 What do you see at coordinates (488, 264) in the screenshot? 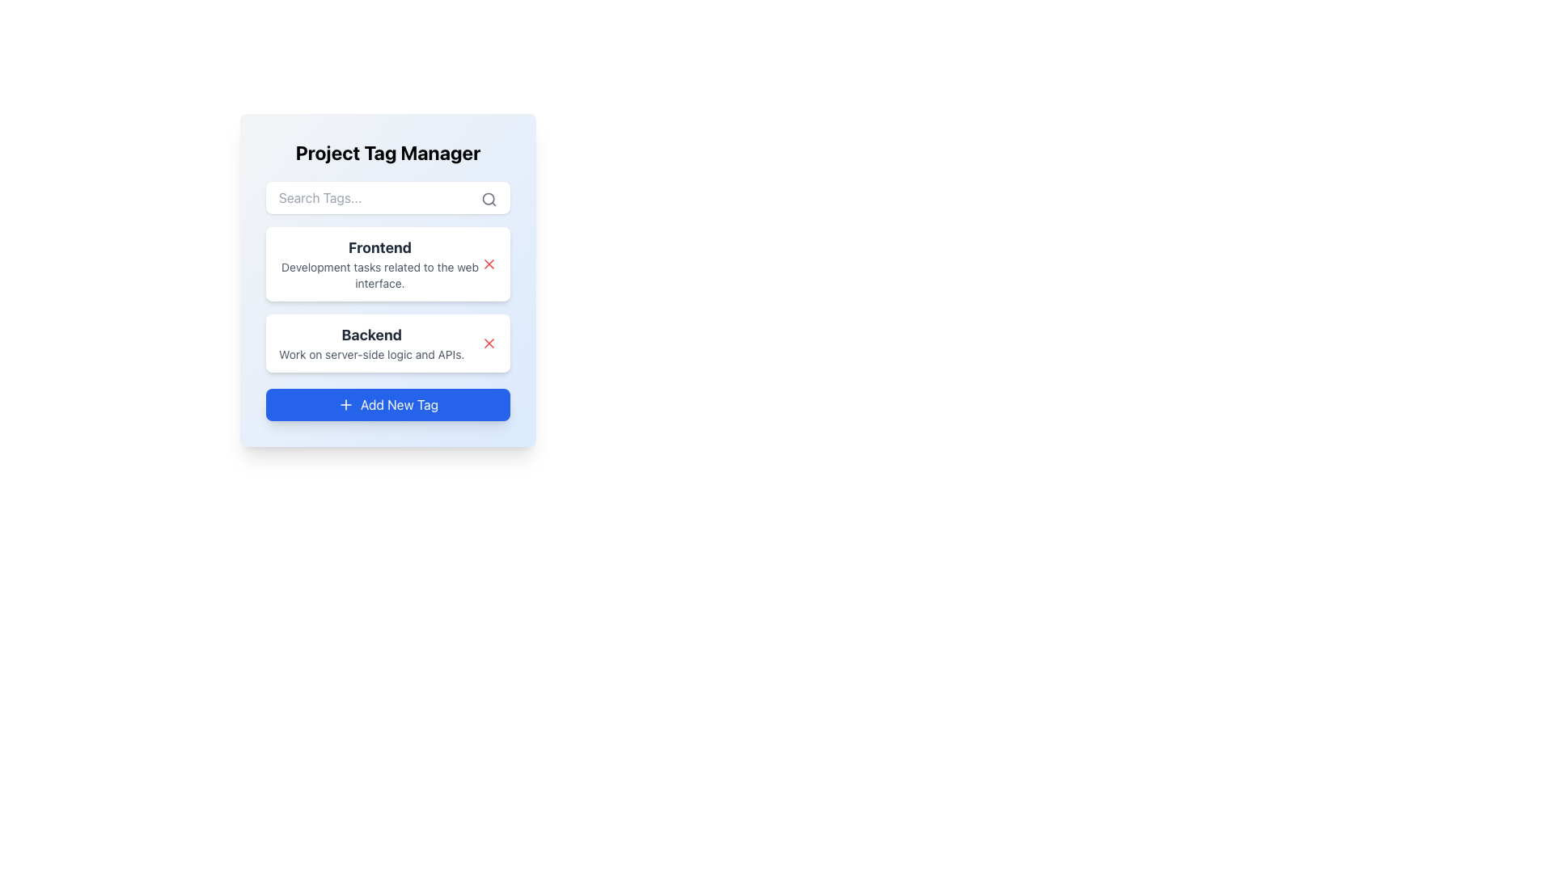
I see `attributes of the 'X' graphical representation vector line element inside the second item's circle in the list panel, located near the right side of the 'Backend' text` at bounding box center [488, 264].